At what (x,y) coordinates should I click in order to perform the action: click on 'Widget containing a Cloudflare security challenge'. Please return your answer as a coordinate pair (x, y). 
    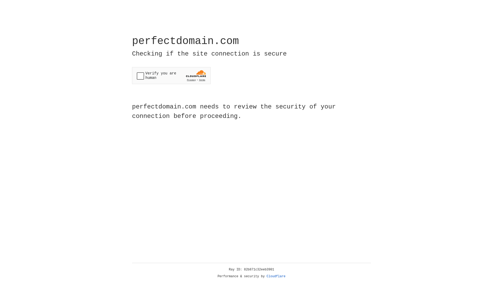
    Looking at the image, I should click on (171, 75).